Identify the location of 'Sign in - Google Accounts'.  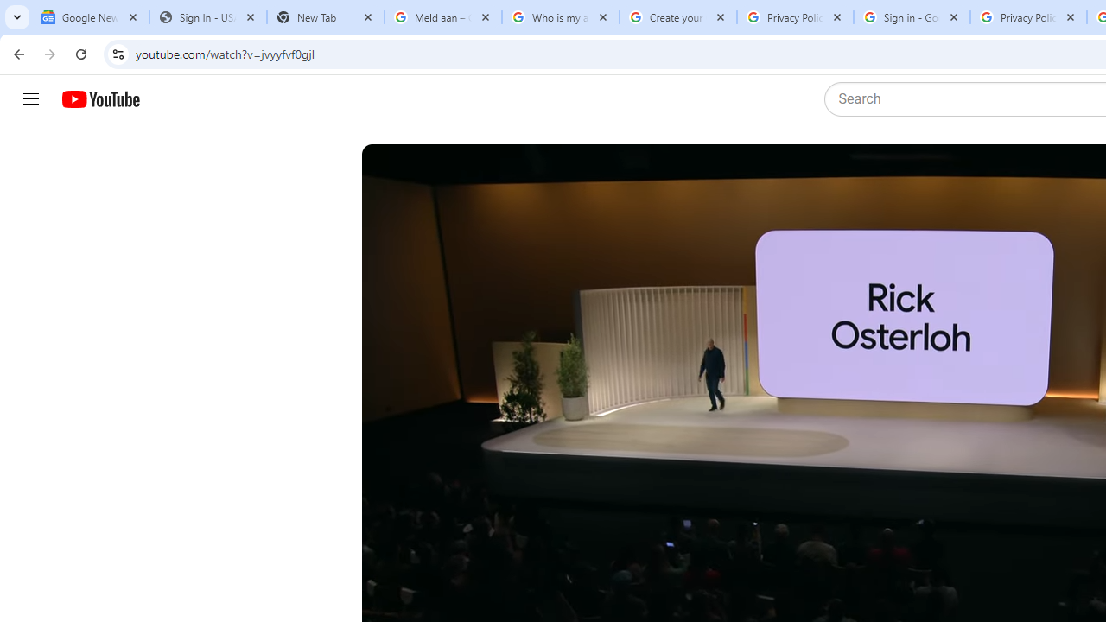
(911, 17).